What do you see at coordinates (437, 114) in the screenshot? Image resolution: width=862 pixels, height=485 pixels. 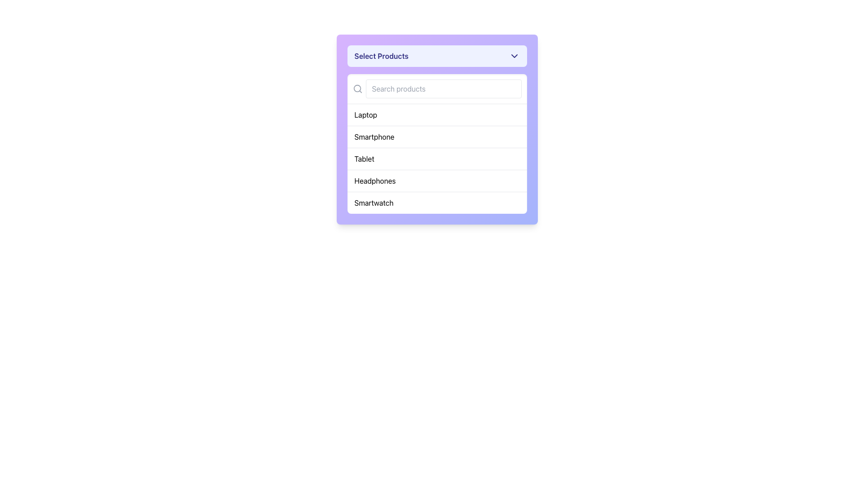 I see `the topmost item labeled 'Laptop' in the dropdown menu` at bounding box center [437, 114].